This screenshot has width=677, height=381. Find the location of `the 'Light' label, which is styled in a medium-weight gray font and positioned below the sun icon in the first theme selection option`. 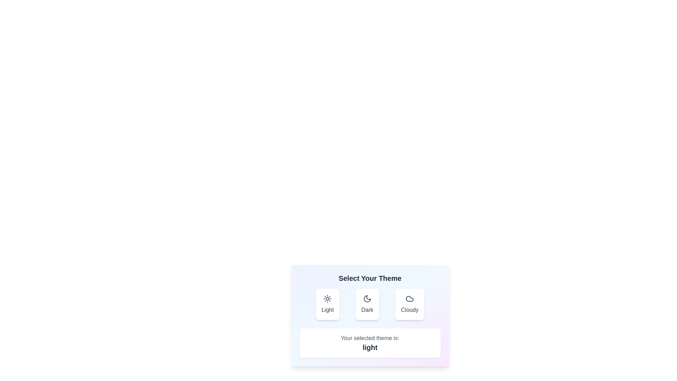

the 'Light' label, which is styled in a medium-weight gray font and positioned below the sun icon in the first theme selection option is located at coordinates (327, 310).